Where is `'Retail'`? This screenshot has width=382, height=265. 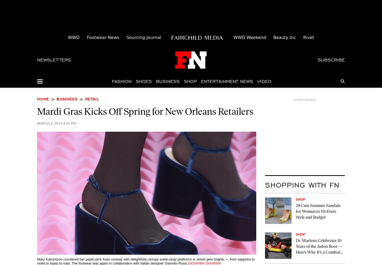 'Retail' is located at coordinates (92, 99).